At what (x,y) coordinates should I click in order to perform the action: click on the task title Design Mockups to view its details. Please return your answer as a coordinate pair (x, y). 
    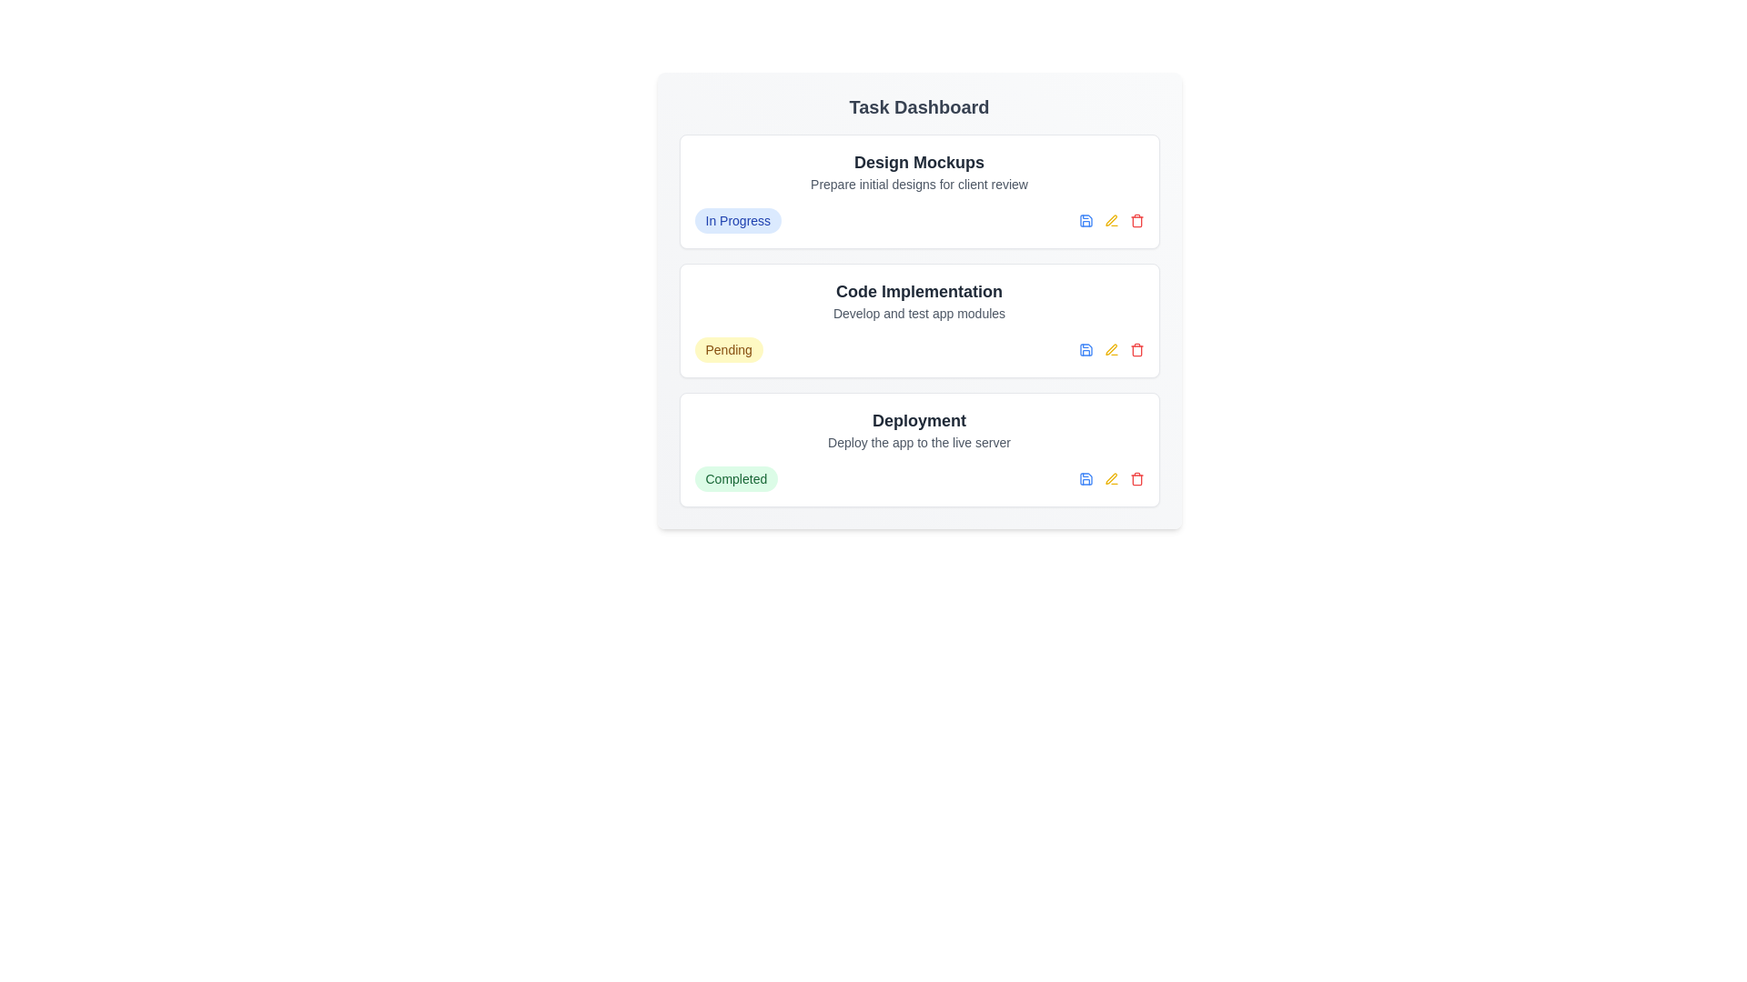
    Looking at the image, I should click on (919, 161).